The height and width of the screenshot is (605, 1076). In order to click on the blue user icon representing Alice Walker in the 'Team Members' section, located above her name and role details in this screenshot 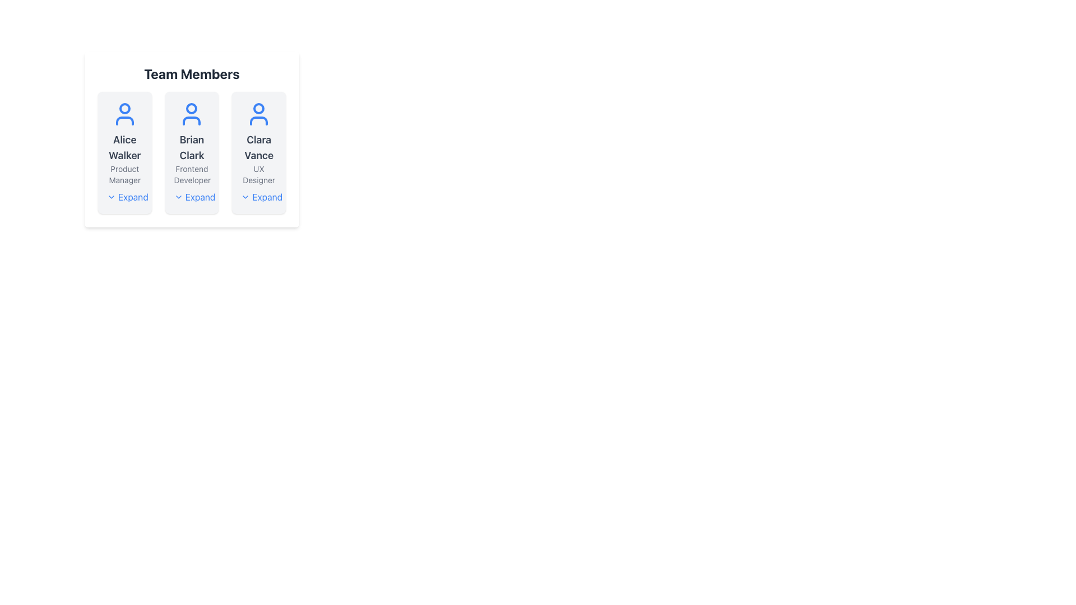, I will do `click(124, 114)`.